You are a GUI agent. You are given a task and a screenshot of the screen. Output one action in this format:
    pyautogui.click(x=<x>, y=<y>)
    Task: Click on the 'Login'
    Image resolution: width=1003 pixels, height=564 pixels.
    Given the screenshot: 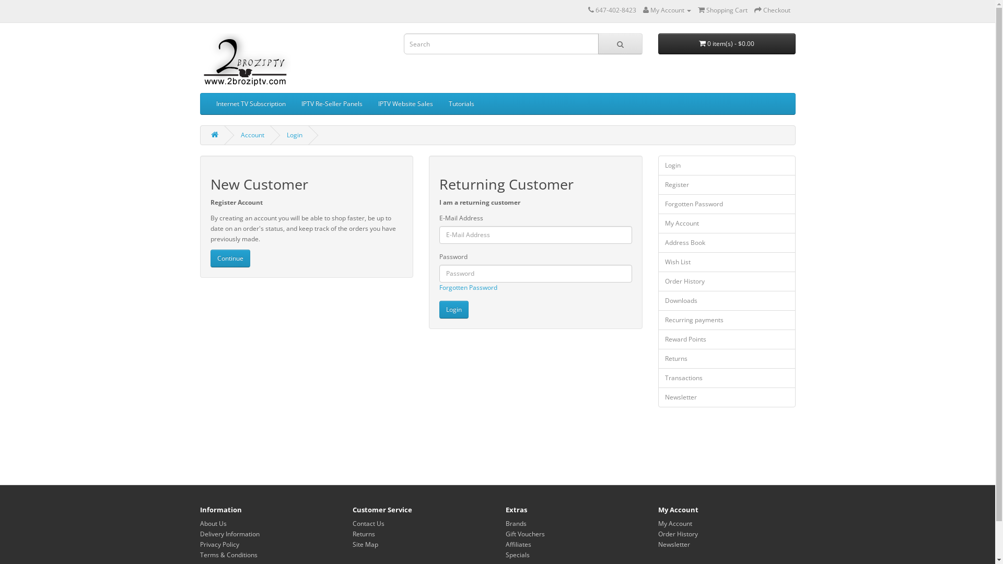 What is the action you would take?
    pyautogui.click(x=293, y=134)
    